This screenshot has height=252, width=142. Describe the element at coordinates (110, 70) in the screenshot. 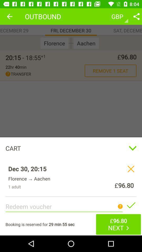

I see `orange colour text next to transfer` at that location.